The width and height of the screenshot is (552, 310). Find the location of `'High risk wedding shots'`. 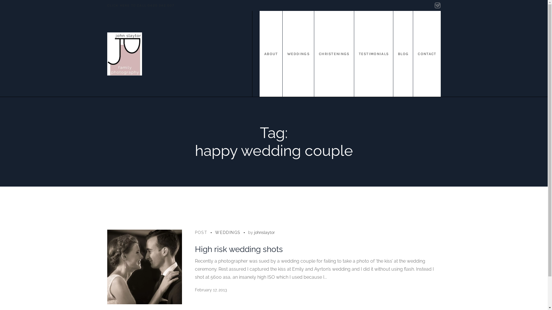

'High risk wedding shots' is located at coordinates (144, 267).